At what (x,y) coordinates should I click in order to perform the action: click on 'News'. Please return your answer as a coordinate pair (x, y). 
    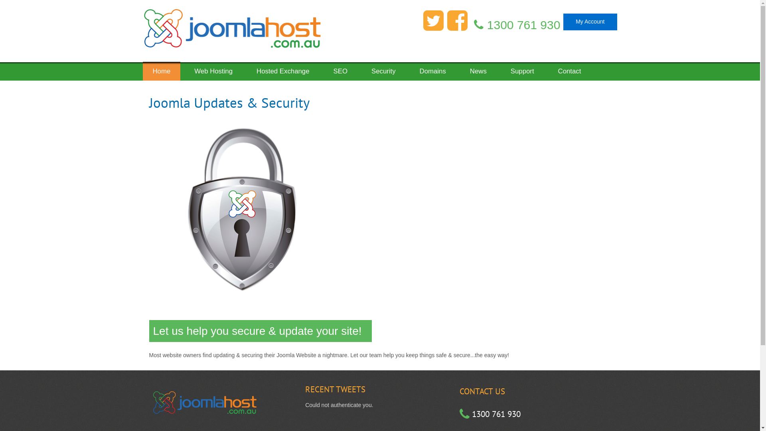
    Looking at the image, I should click on (478, 68).